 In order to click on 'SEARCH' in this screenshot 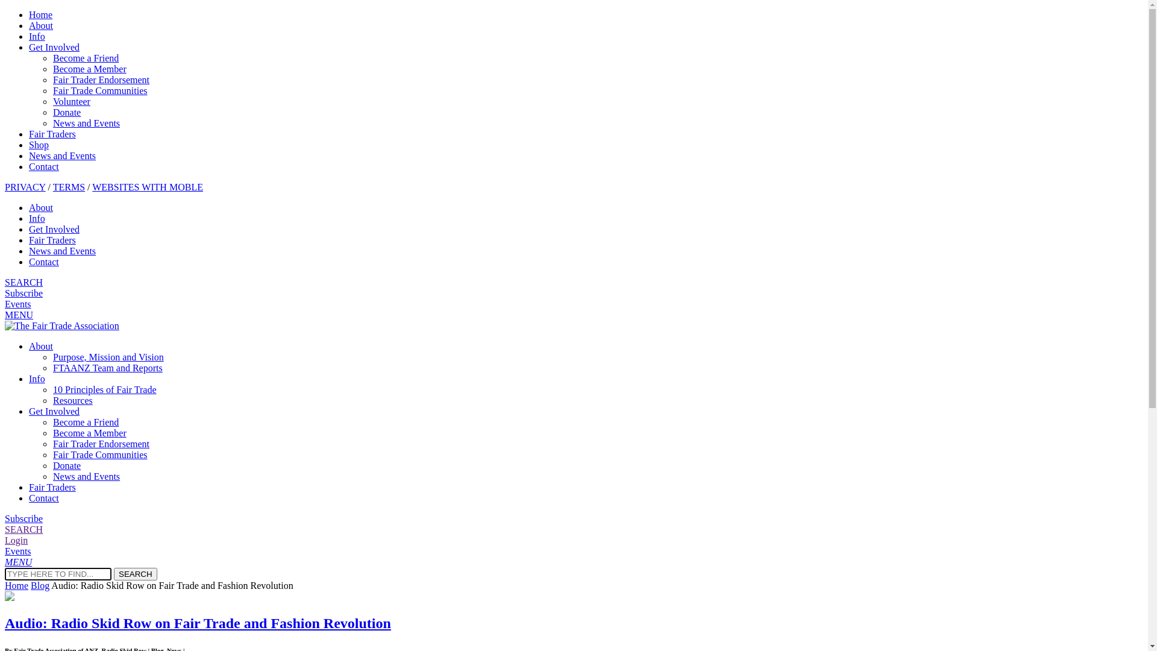, I will do `click(24, 282)`.